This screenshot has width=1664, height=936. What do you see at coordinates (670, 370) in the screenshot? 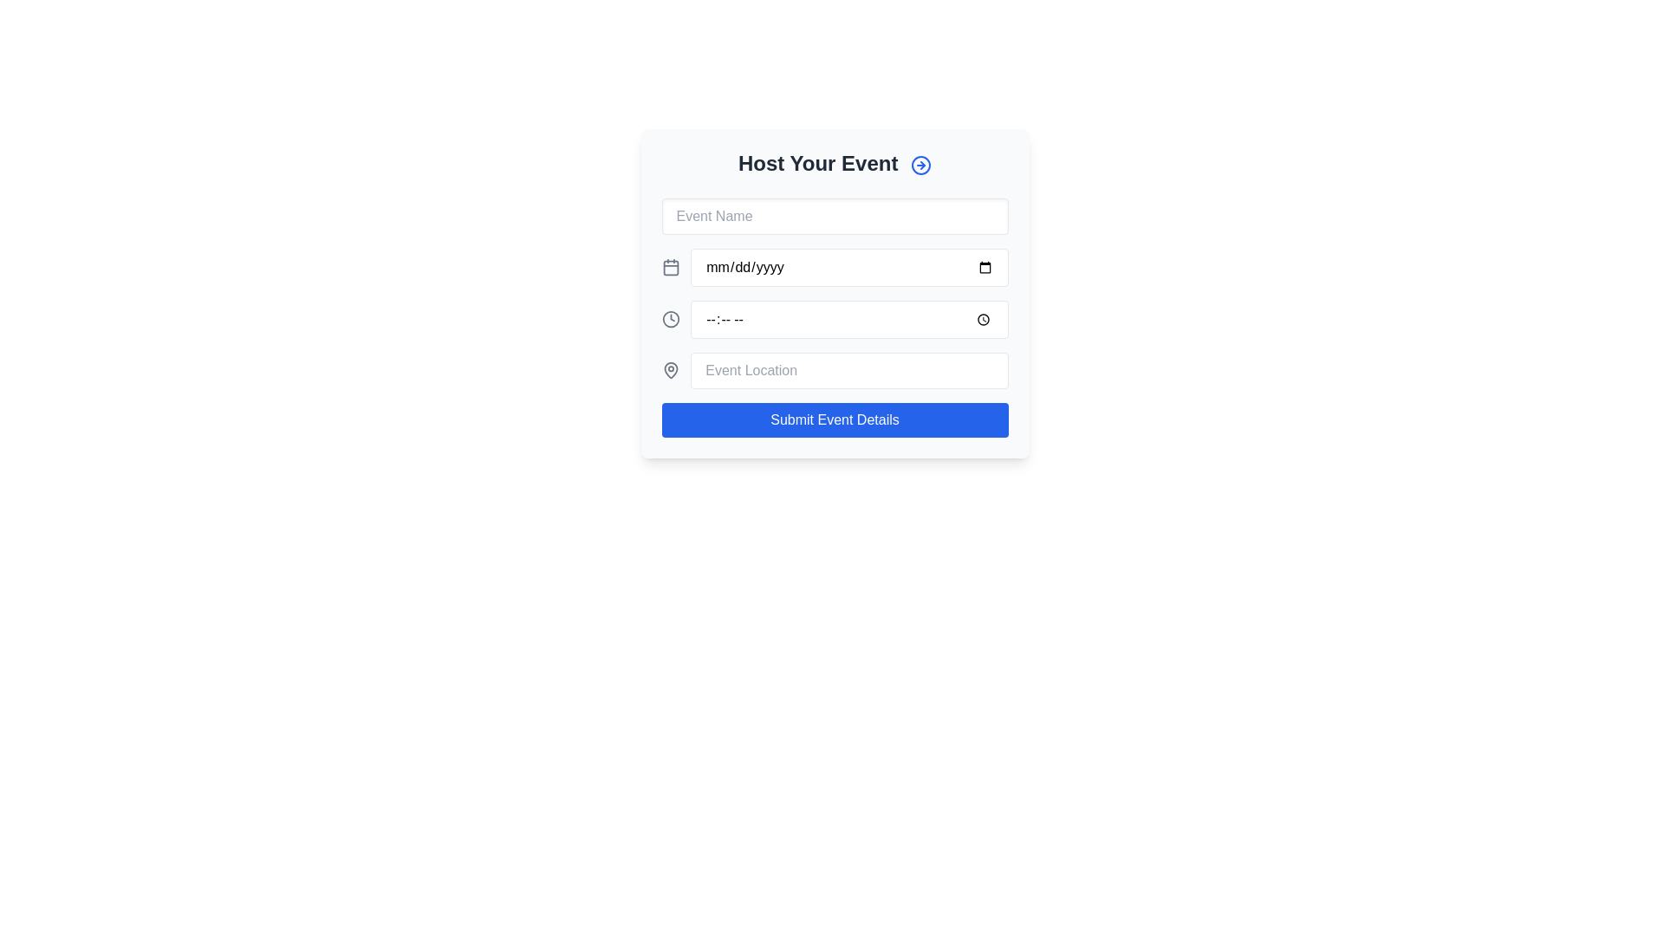
I see `the map location pin icon located to the left of the 'Event Location' input field in the third field of the form interface` at bounding box center [670, 370].